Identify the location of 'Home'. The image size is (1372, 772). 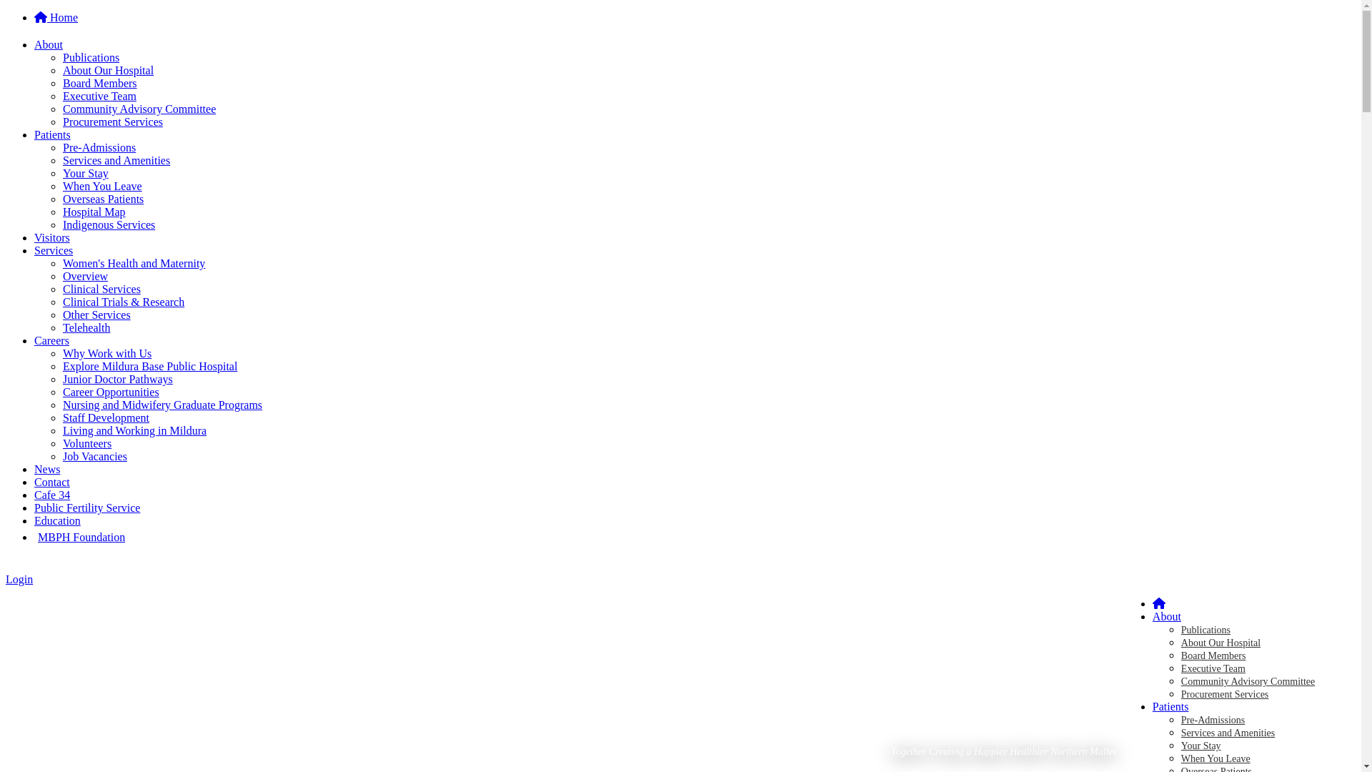
(56, 17).